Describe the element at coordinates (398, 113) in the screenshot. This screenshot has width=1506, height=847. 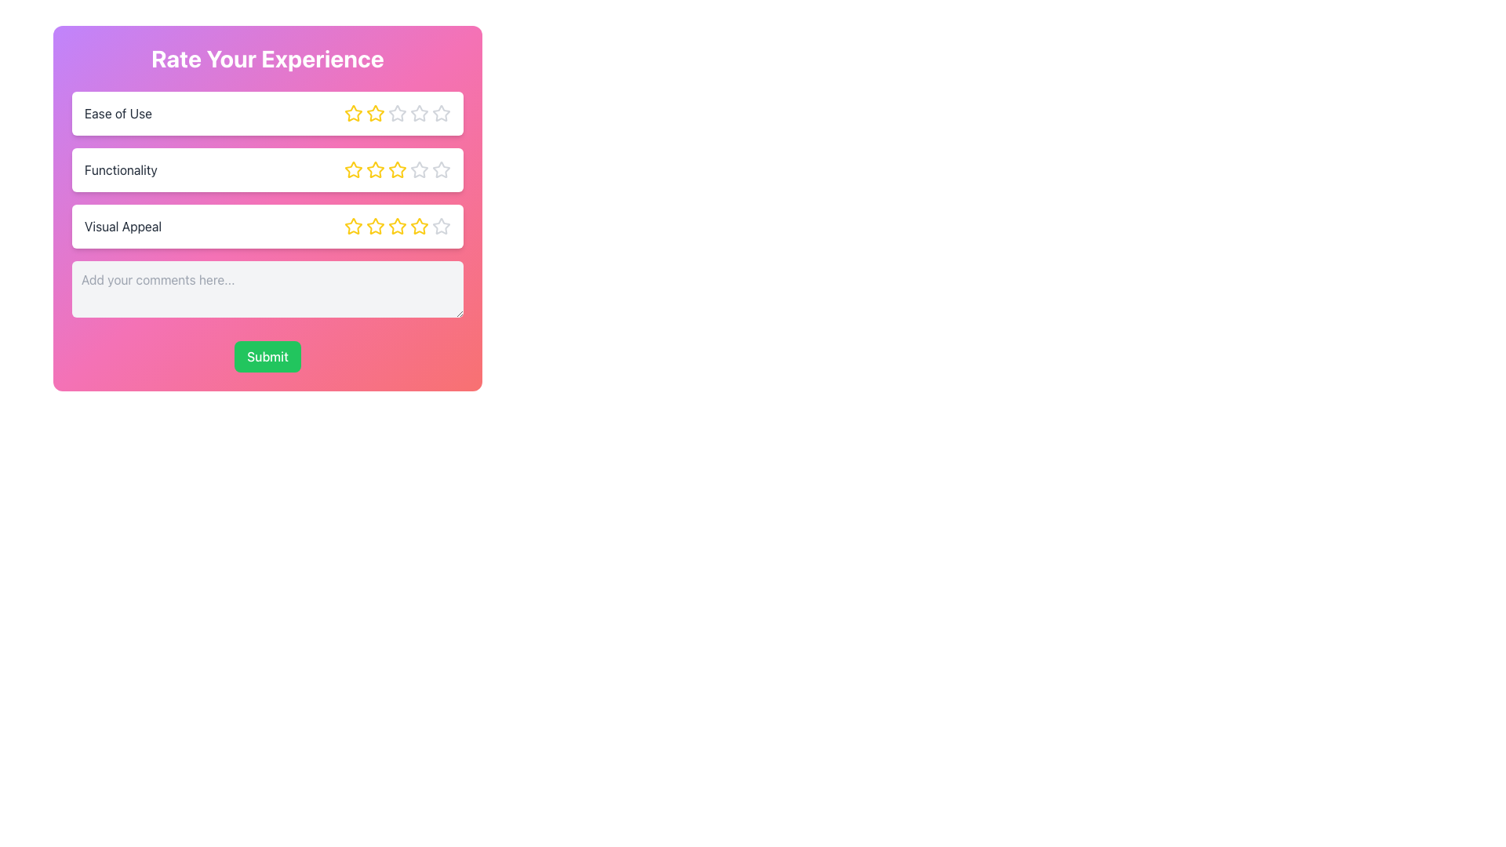
I see `the third star-shaped icon in the 'Ease of Use' rating section` at that location.